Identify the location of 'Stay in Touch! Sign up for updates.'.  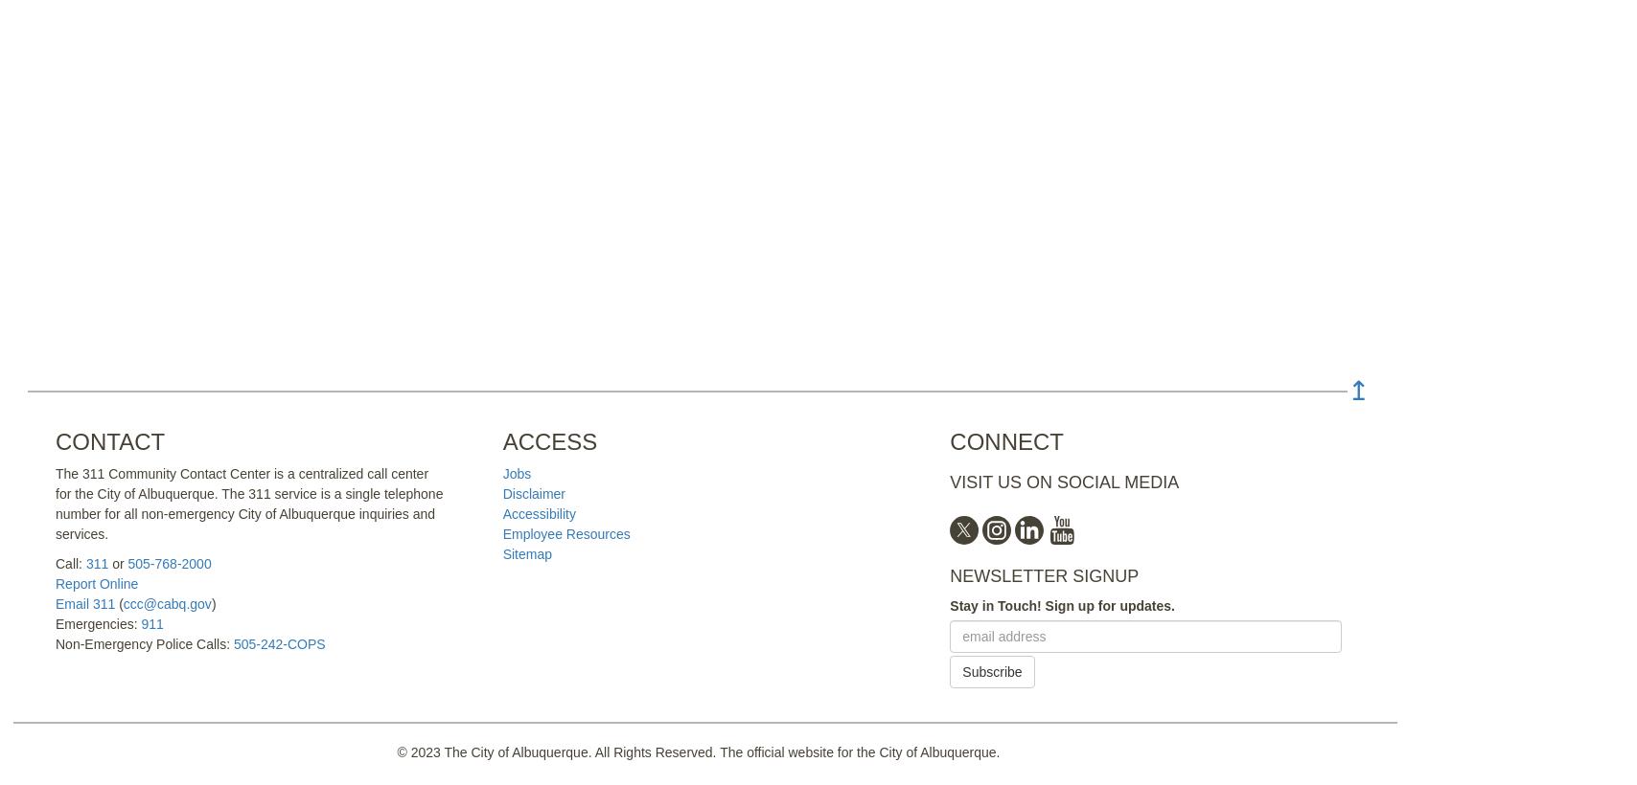
(949, 603).